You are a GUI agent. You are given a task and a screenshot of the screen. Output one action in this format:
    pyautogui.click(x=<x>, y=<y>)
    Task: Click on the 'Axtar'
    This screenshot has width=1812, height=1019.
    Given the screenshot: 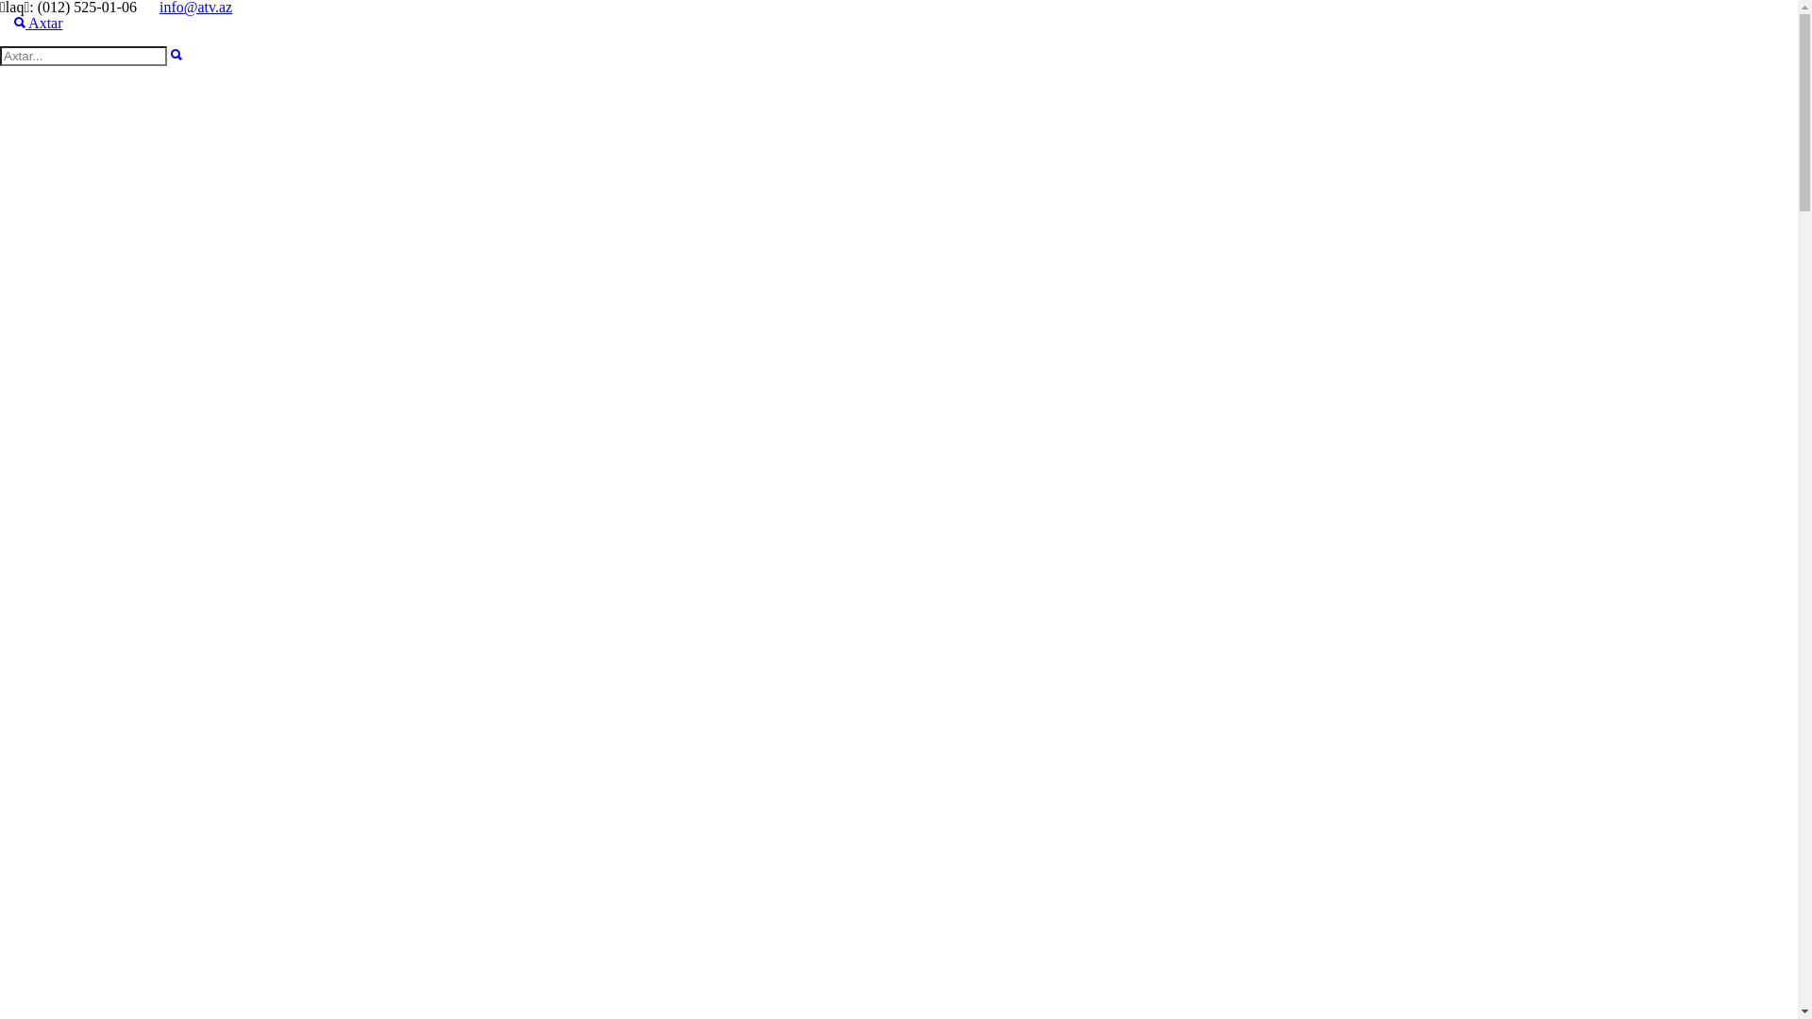 What is the action you would take?
    pyautogui.click(x=176, y=54)
    